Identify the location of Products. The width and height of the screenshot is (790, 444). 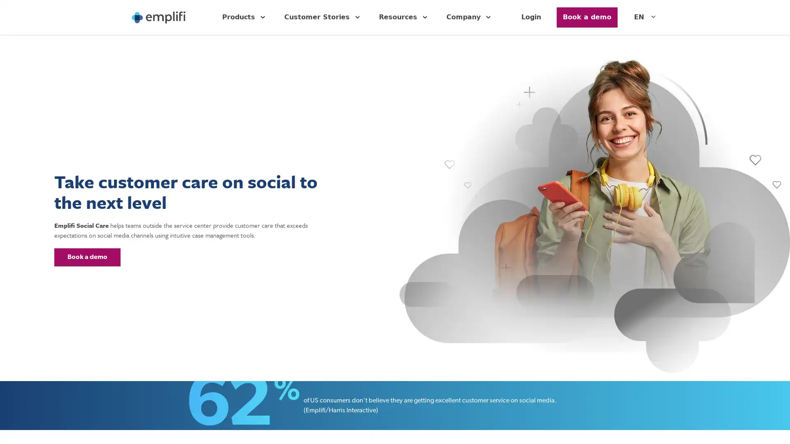
(244, 17).